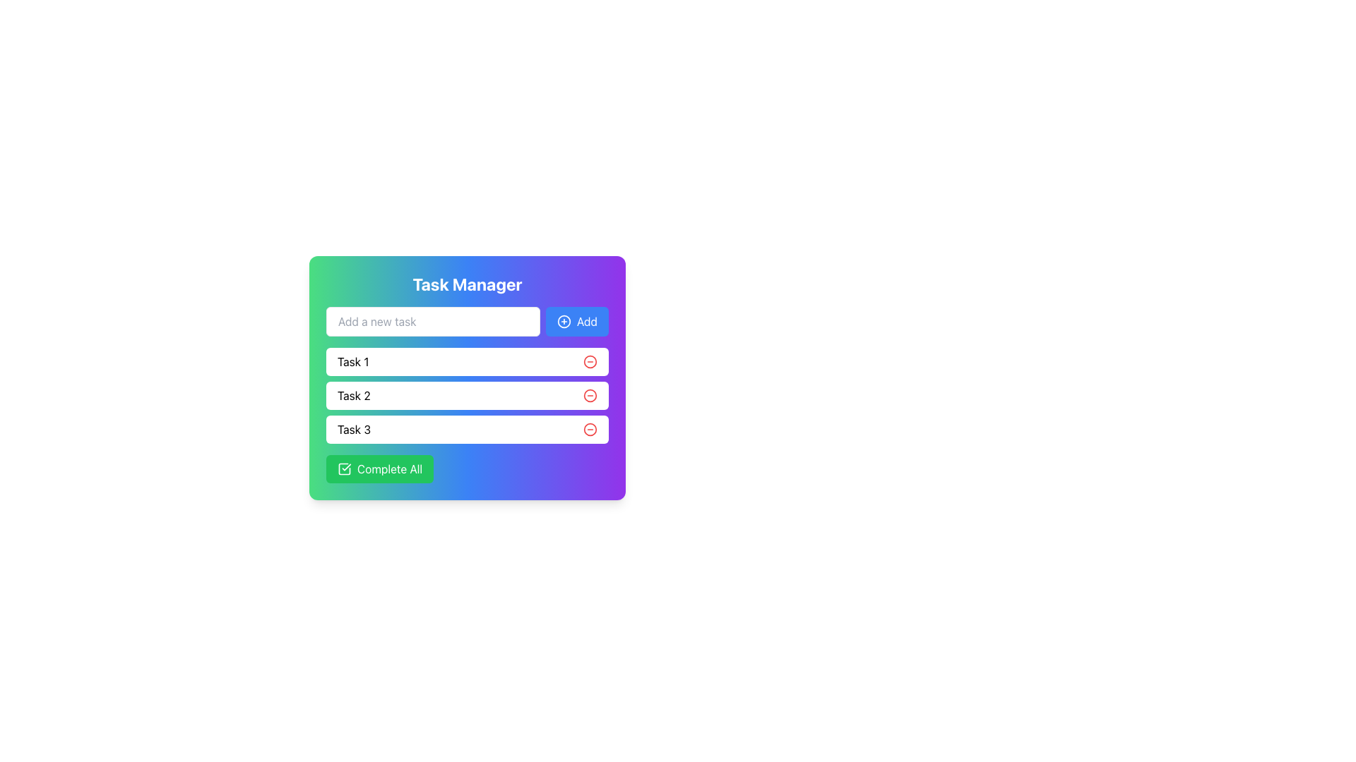 The width and height of the screenshot is (1356, 762). Describe the element at coordinates (590, 395) in the screenshot. I see `the outer circle of the 'minus' icon, which visually denotes the button's functionality, located directly to the right of the text 'Task 2'` at that location.